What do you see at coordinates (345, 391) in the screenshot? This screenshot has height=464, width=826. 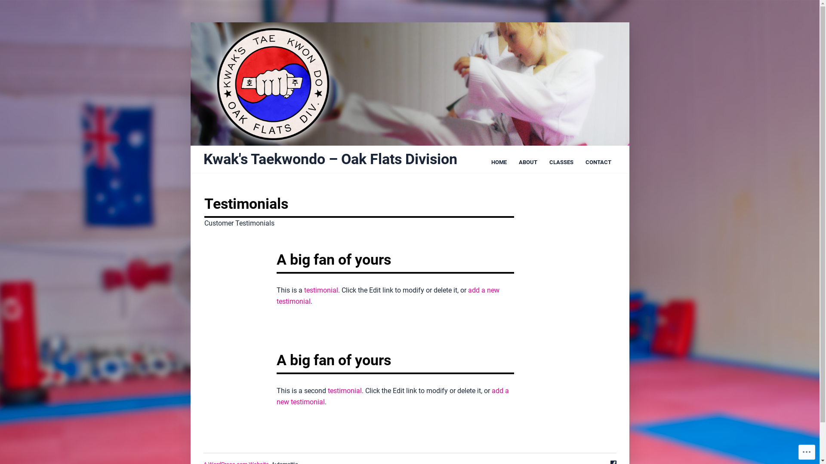 I see `'testimonial'` at bounding box center [345, 391].